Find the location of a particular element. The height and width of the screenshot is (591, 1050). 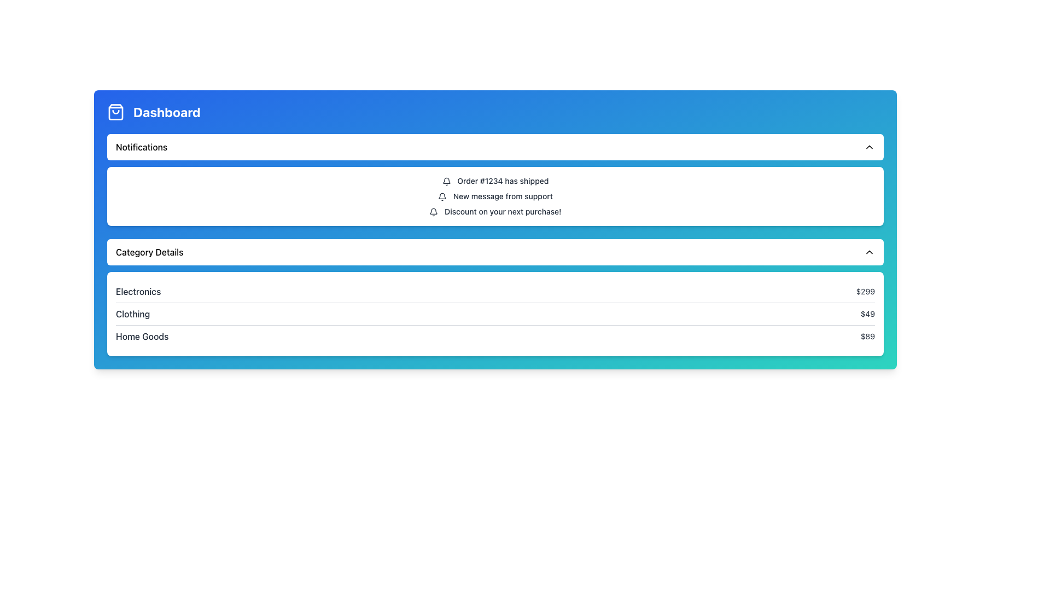

the shopping bag icon located to the left of the 'Dashboard' text in the header section is located at coordinates (115, 112).